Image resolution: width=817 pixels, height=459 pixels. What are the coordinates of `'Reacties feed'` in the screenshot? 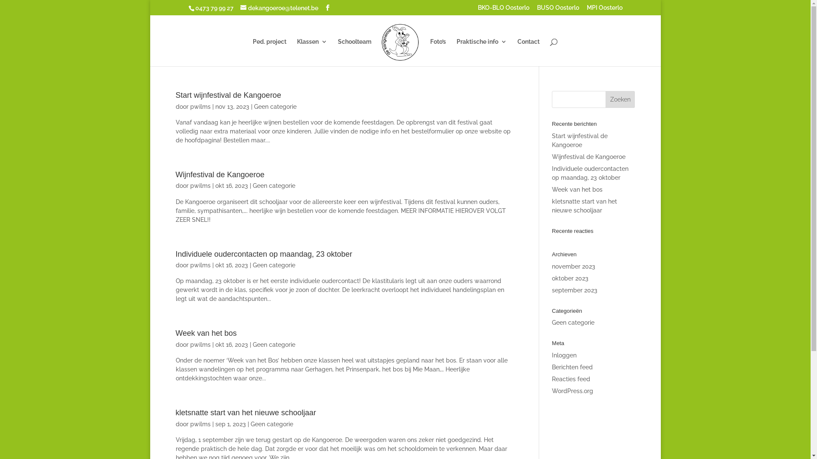 It's located at (551, 378).